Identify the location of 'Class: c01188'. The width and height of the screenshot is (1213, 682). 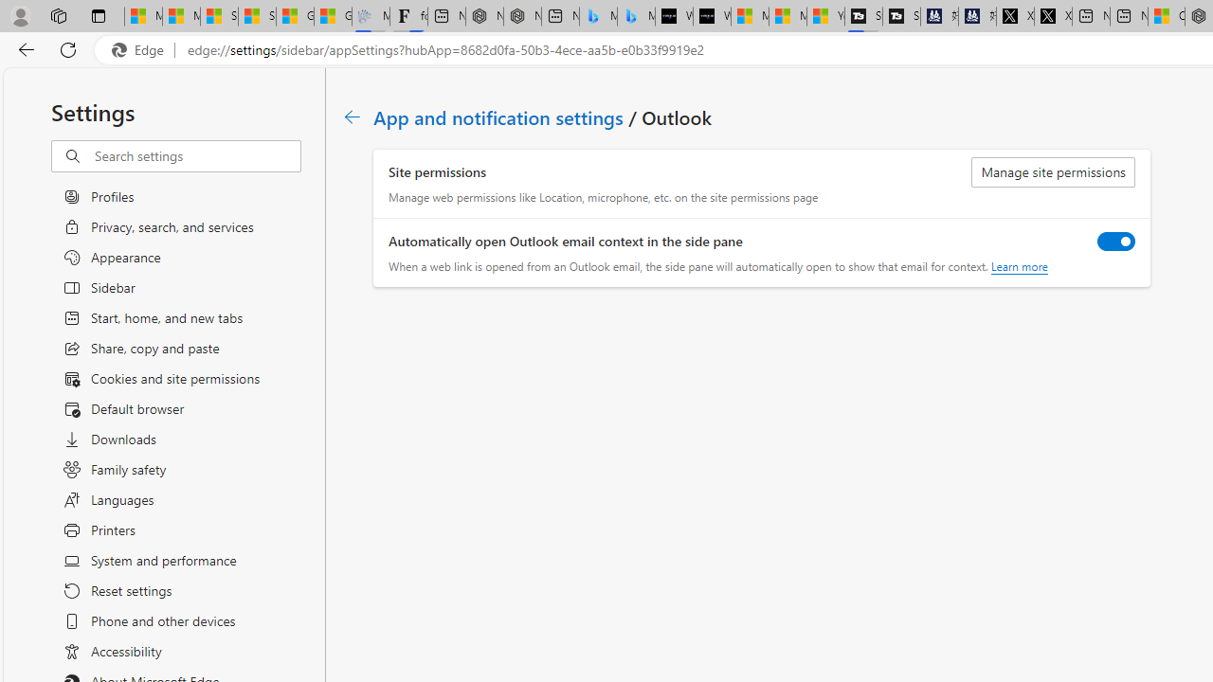
(352, 117).